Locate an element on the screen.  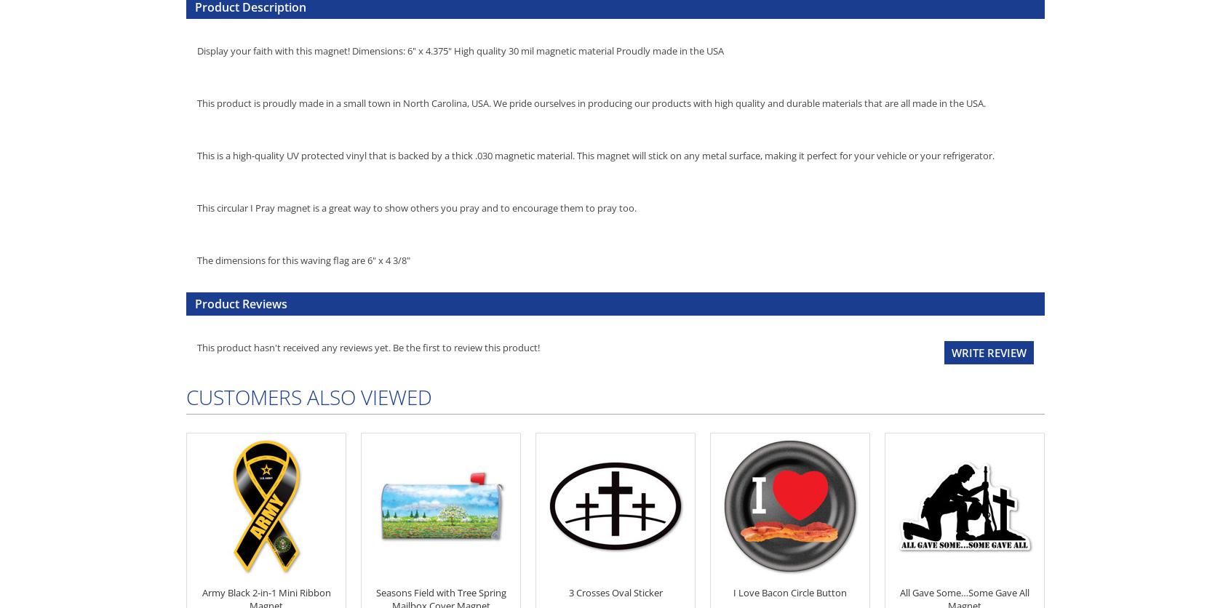
'This product hasn't received any reviews yet. Be the first to review this product!' is located at coordinates (368, 347).